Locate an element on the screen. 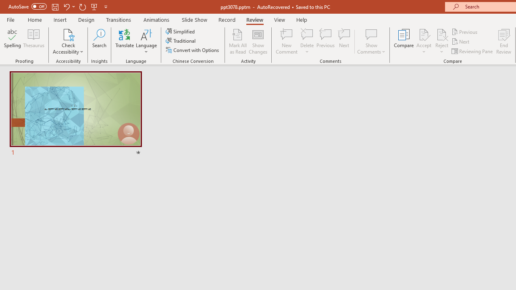 The height and width of the screenshot is (290, 516). 'Show Changes' is located at coordinates (258, 41).